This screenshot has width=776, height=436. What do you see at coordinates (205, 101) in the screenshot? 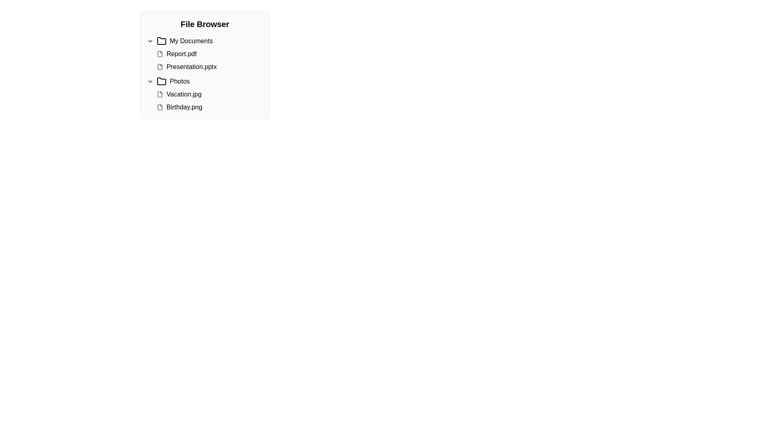
I see `the file name` at bounding box center [205, 101].